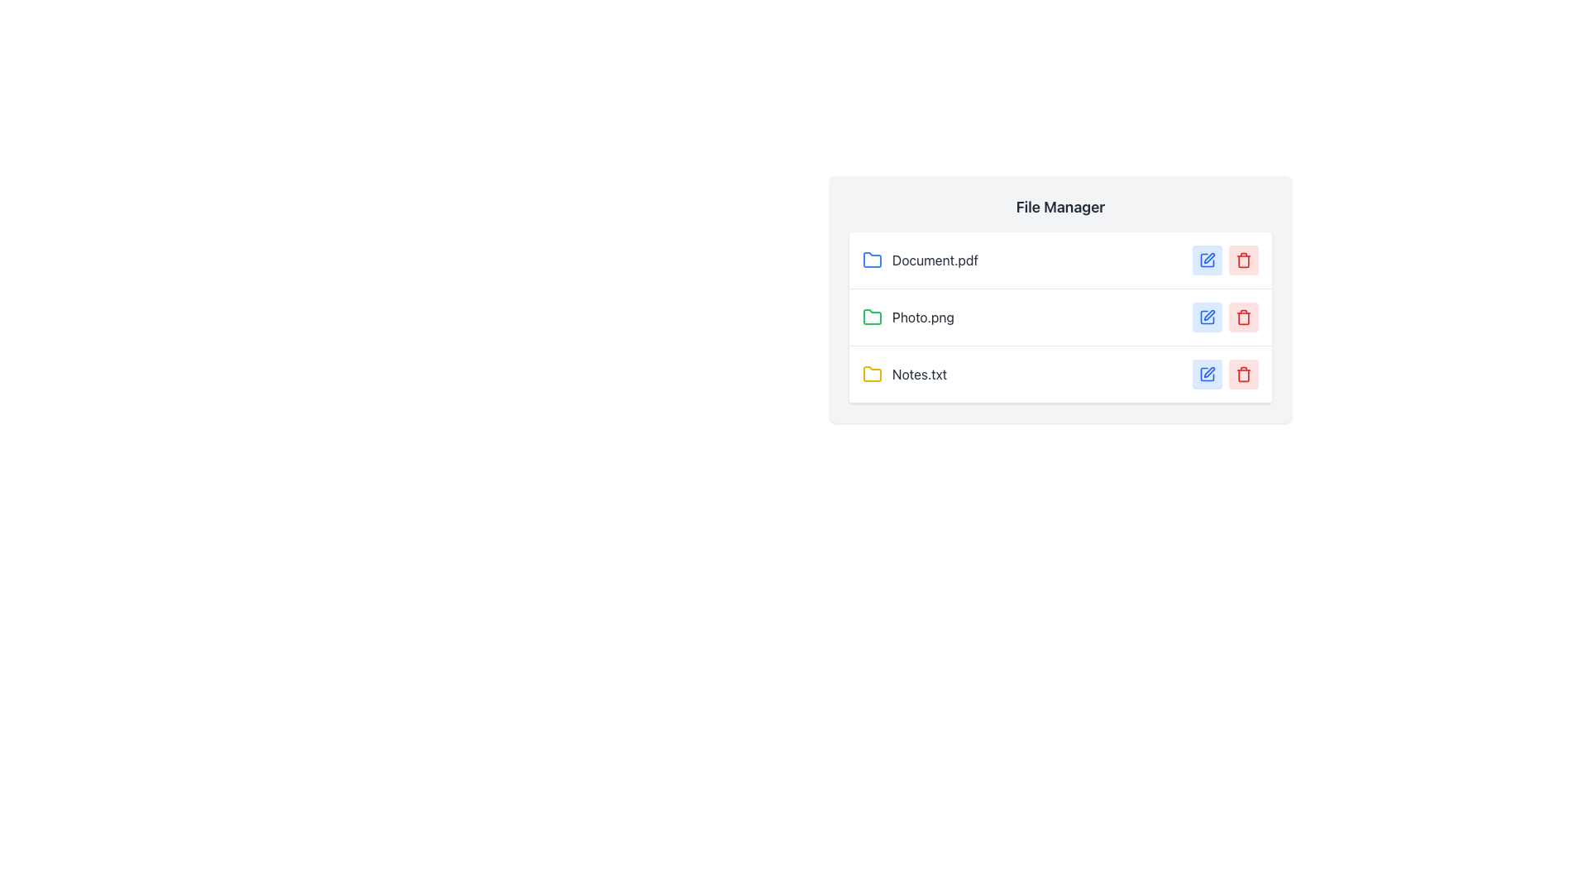  What do you see at coordinates (1060, 206) in the screenshot?
I see `the Text Header at the top of the file manager interface, which serves as the title for the file manager` at bounding box center [1060, 206].